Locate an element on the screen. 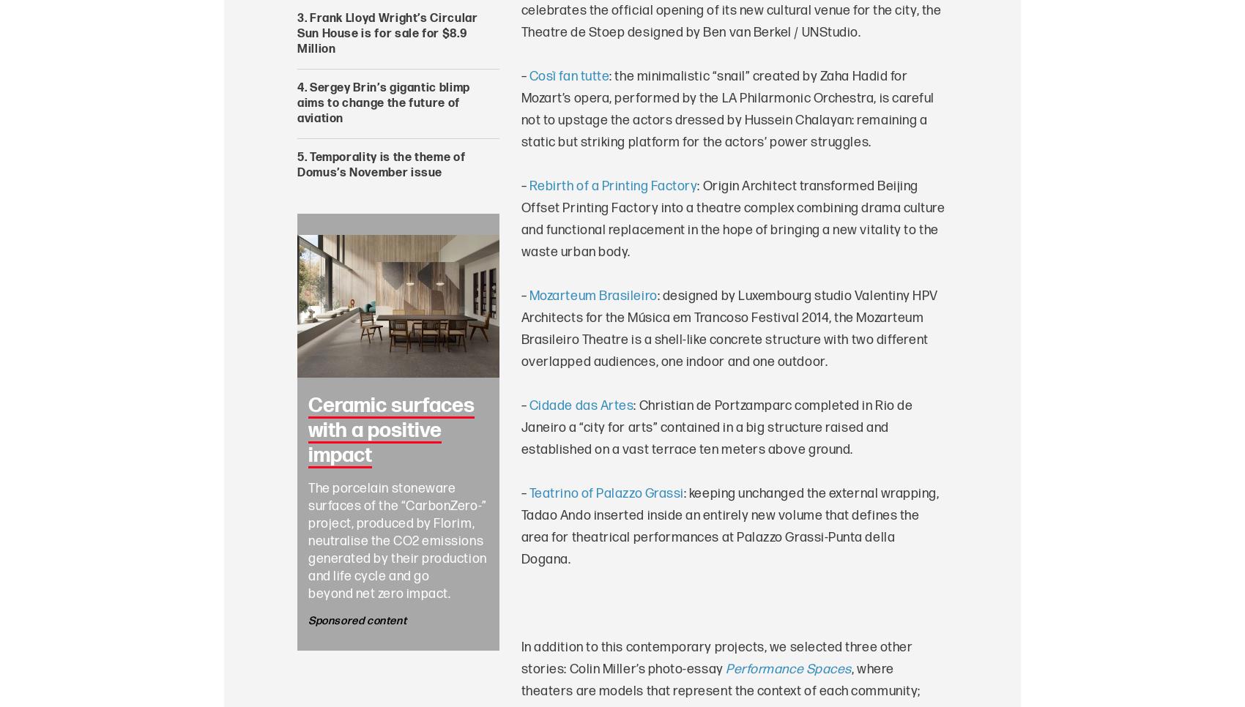  'Temporality is the theme of Domus’s November issue' is located at coordinates (381, 163).